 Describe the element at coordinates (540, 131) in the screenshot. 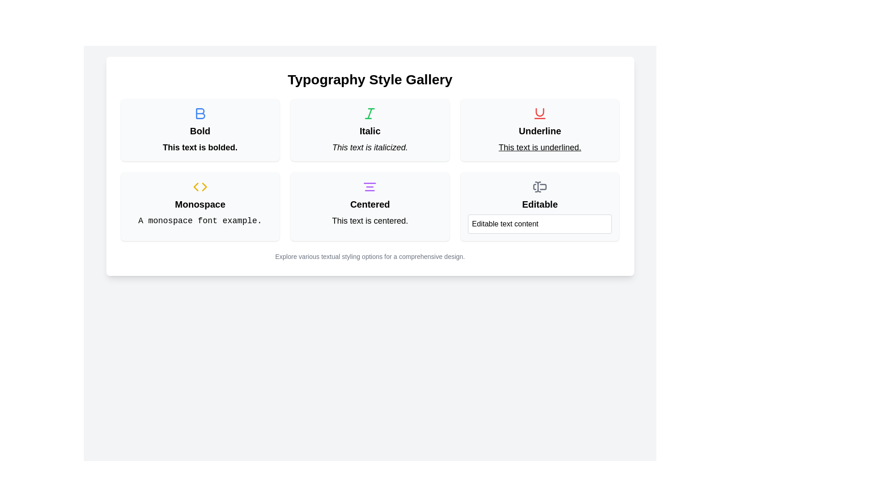

I see `the label or heading that describes the typographical style 'Underline', located beneath a red 'U' icon and above the sentence 'This text is underlined'` at that location.